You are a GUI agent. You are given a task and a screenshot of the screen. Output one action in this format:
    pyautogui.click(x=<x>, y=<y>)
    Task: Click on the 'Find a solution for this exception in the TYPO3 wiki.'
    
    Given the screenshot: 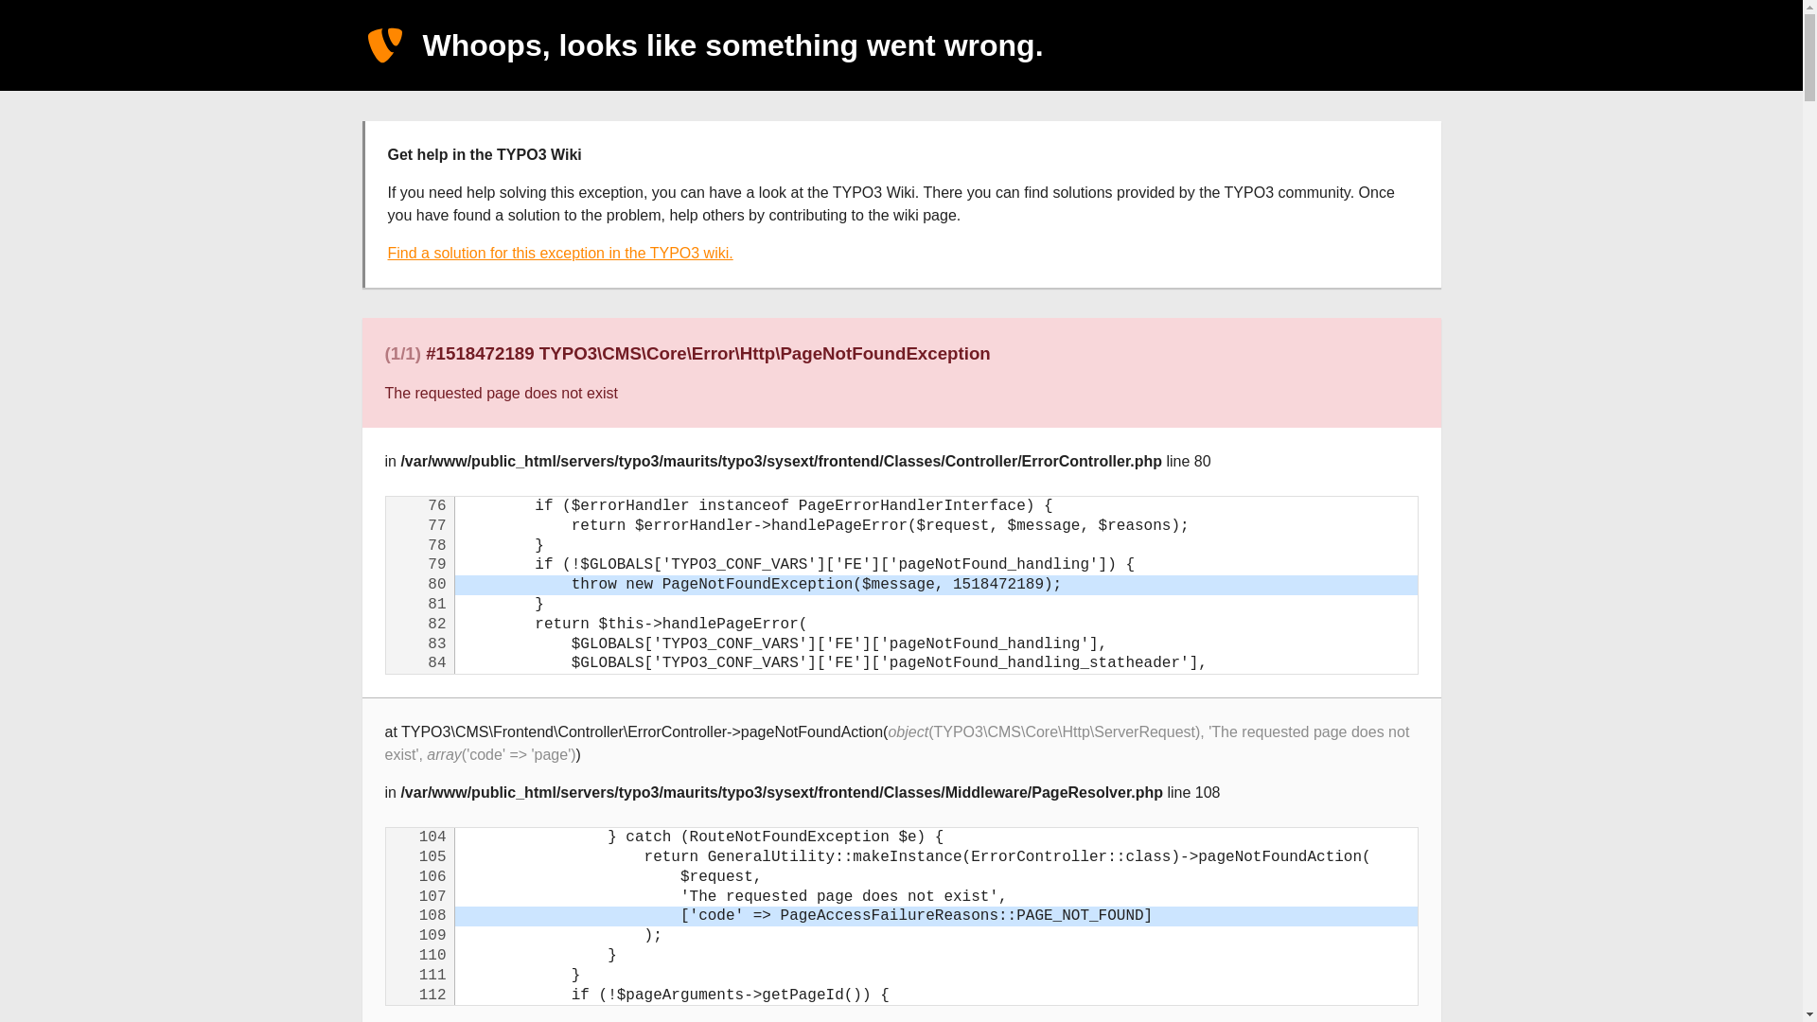 What is the action you would take?
    pyautogui.click(x=559, y=252)
    